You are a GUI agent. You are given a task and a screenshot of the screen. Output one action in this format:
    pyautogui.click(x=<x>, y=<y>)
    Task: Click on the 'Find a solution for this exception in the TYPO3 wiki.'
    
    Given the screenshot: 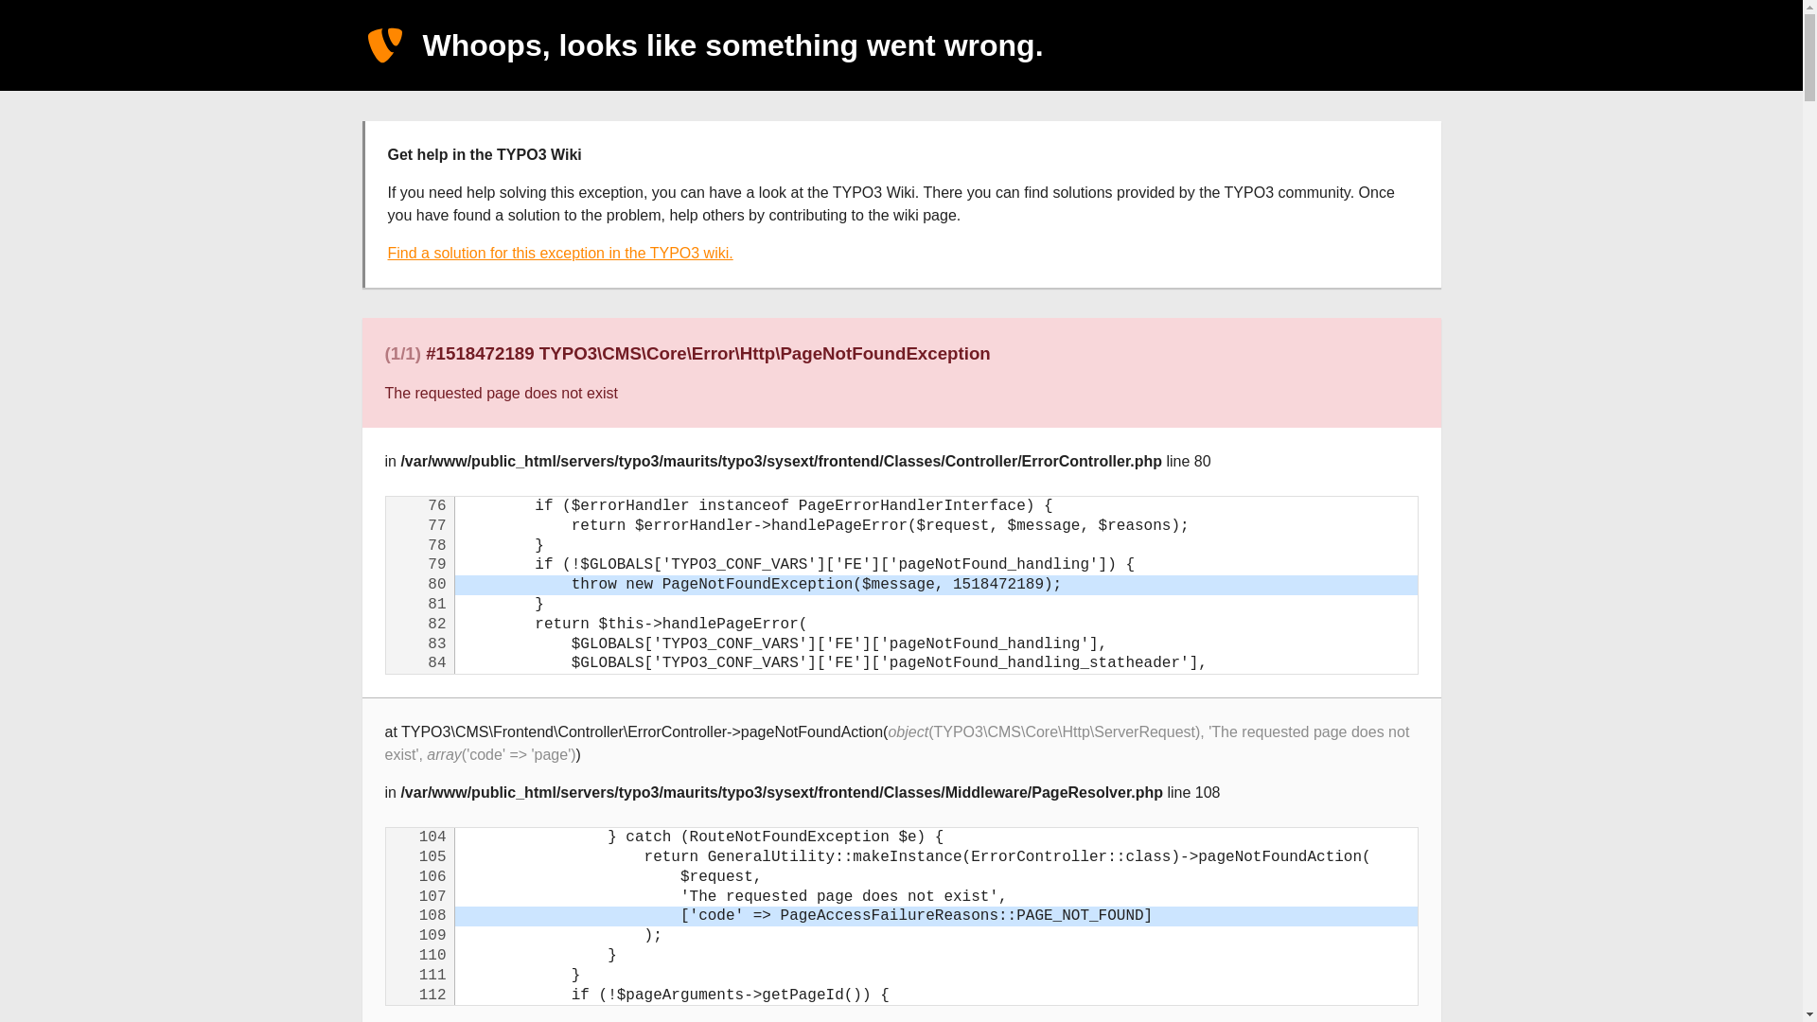 What is the action you would take?
    pyautogui.click(x=559, y=252)
    